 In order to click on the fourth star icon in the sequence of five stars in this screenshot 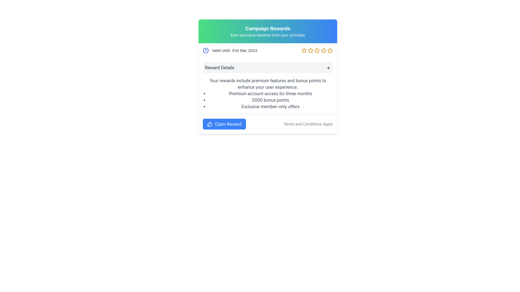, I will do `click(317, 50)`.